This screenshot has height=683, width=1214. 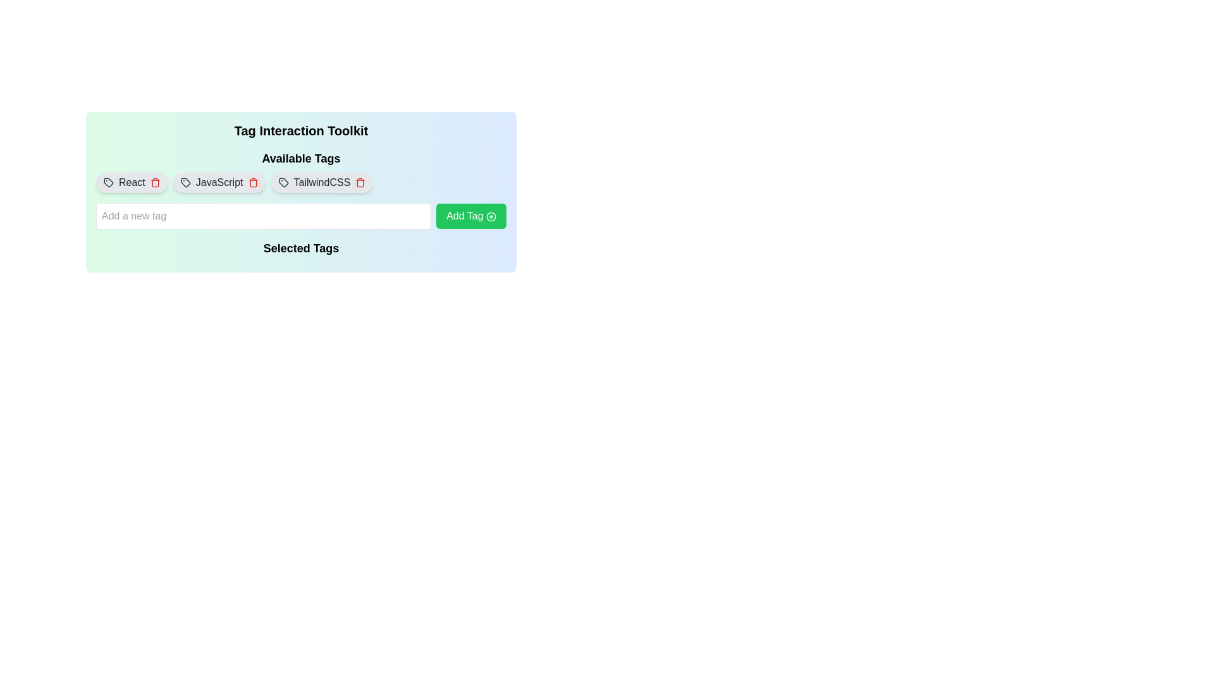 I want to click on the leftmost icon associated with the 'React' tag in the 'Available Tags' section, so click(x=109, y=183).